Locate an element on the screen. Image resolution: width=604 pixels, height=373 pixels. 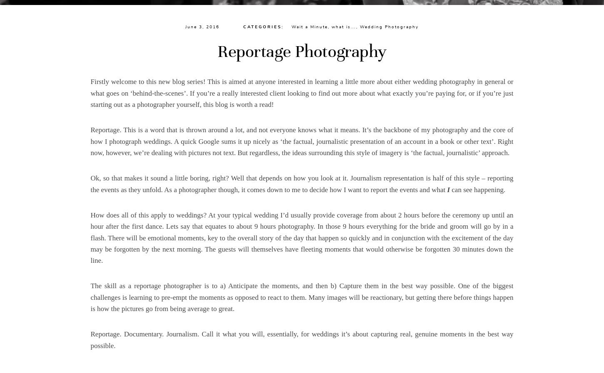
'Reportage. This is a word that is thrown around a lot, and not everyone knows what it means. It’s the backbone of my photography and the core of how I photograph weddings. A quick Google sums it up nicely as ‘the factual, journalistic presentation of an account in a book or other text’. Right now, however, we’re dealing with pictures not text. But regardless, the ideas surrounding this style of imagery is ‘the factual, journalistic’ approach.' is located at coordinates (90, 141).